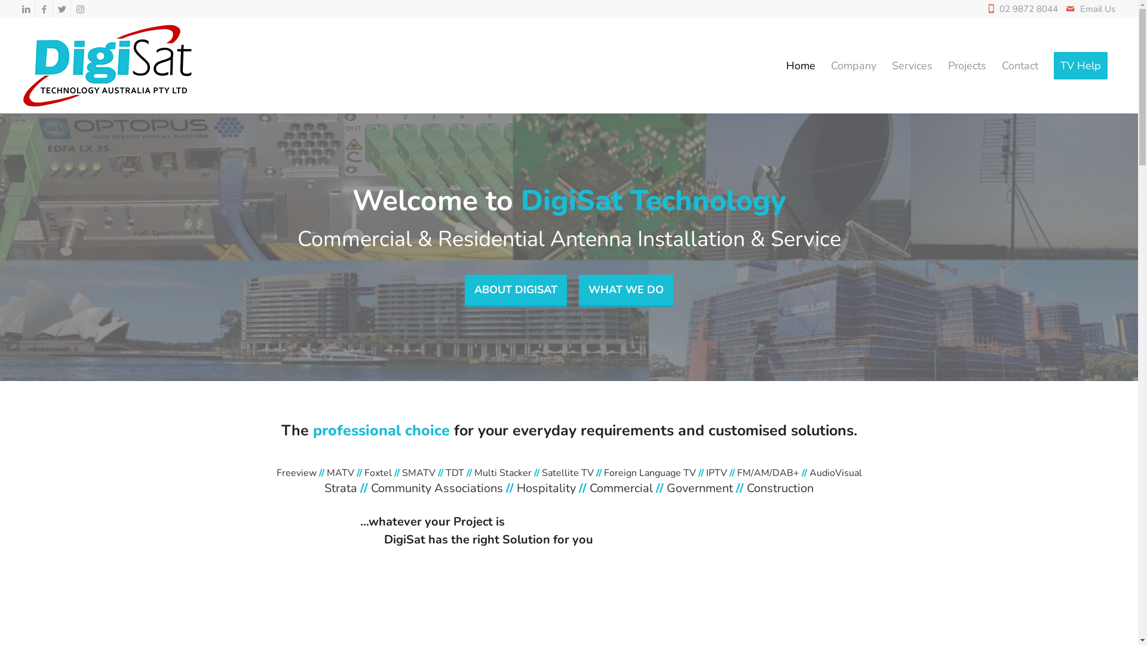  What do you see at coordinates (1019, 66) in the screenshot?
I see `'Contact'` at bounding box center [1019, 66].